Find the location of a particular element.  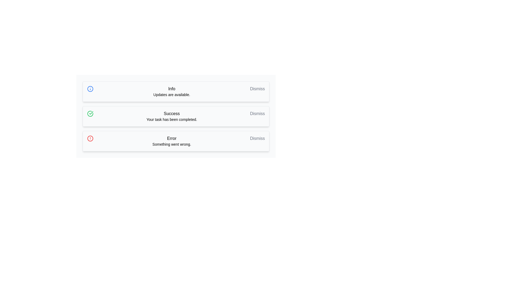

error message displayed in the third Notification card at the bottom of the notifications list is located at coordinates (176, 141).